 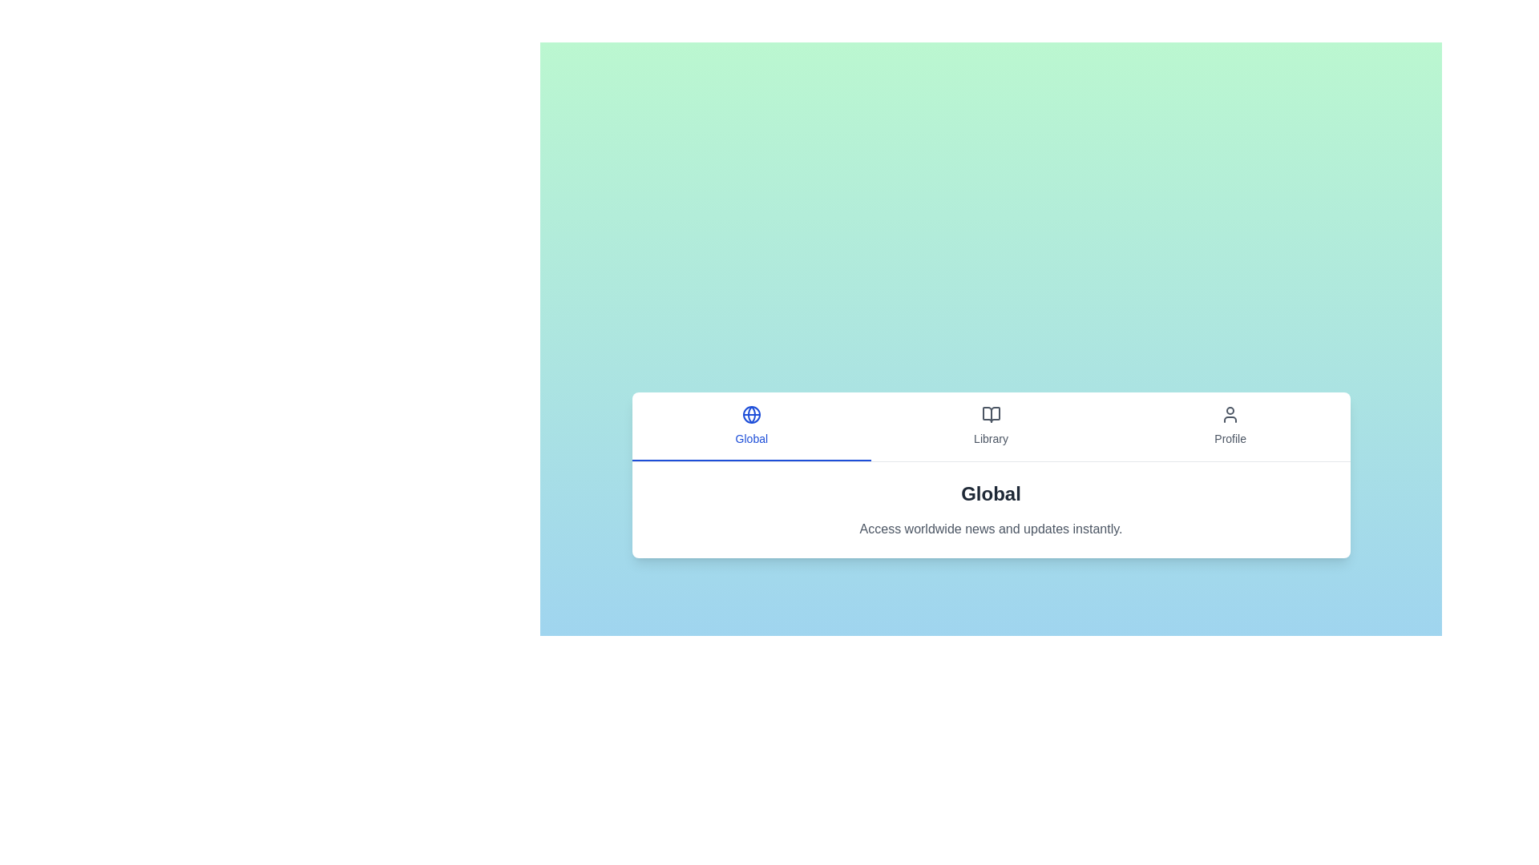 What do you see at coordinates (1230, 425) in the screenshot?
I see `the tab button corresponding to Profile` at bounding box center [1230, 425].